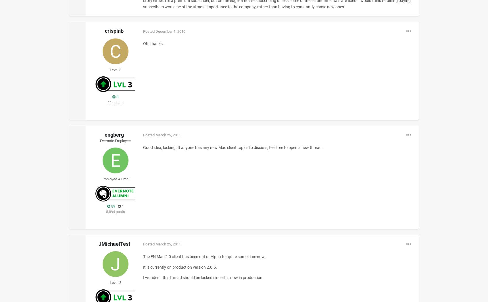  Describe the element at coordinates (101, 179) in the screenshot. I see `'Employee Alumni'` at that location.